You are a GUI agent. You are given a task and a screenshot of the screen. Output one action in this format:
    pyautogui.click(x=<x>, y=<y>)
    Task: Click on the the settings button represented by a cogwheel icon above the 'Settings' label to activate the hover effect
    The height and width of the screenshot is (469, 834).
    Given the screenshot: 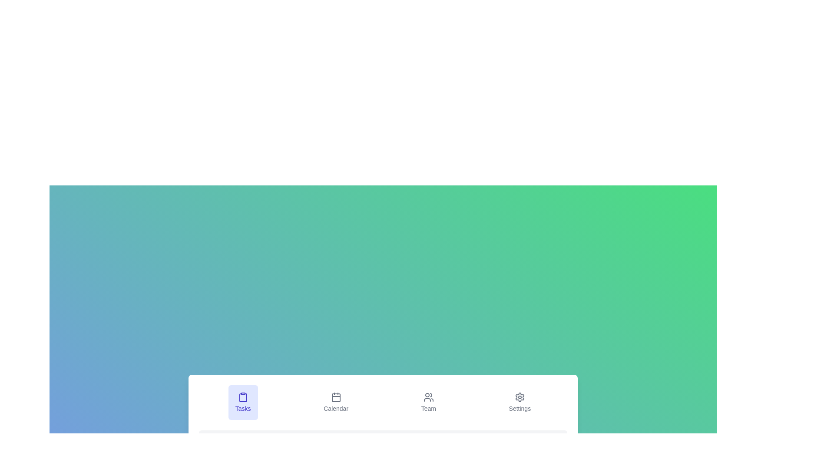 What is the action you would take?
    pyautogui.click(x=520, y=402)
    